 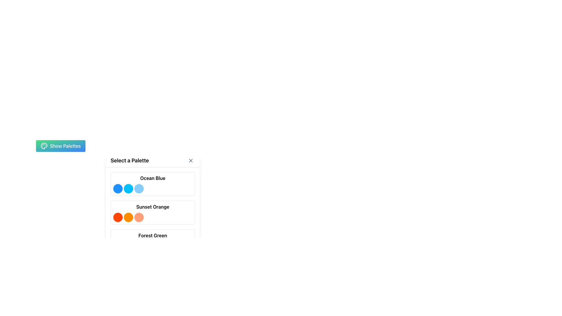 What do you see at coordinates (153, 212) in the screenshot?
I see `the 'Sunset Orange' color palette in the dropdown menu titled 'Select a Palette'` at bounding box center [153, 212].